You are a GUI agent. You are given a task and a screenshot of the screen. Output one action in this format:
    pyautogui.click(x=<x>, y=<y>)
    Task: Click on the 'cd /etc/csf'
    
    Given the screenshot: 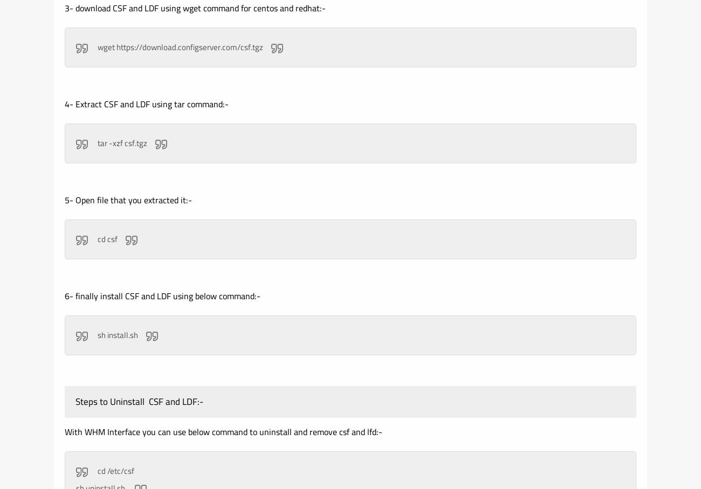 What is the action you would take?
    pyautogui.click(x=115, y=471)
    